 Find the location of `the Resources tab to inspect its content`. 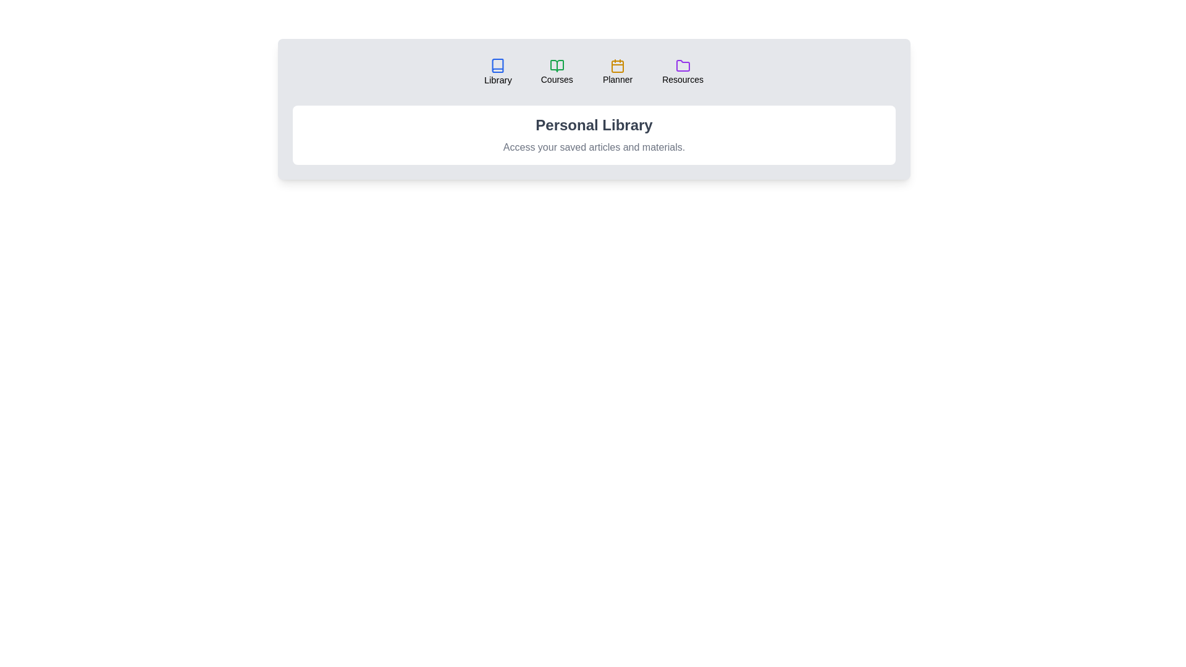

the Resources tab to inspect its content is located at coordinates (682, 72).